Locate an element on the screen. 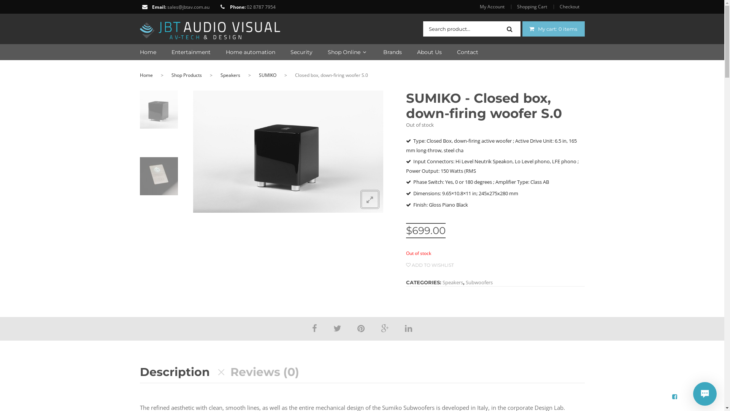 The height and width of the screenshot is (411, 730). 'Subwoofers' is located at coordinates (478, 282).